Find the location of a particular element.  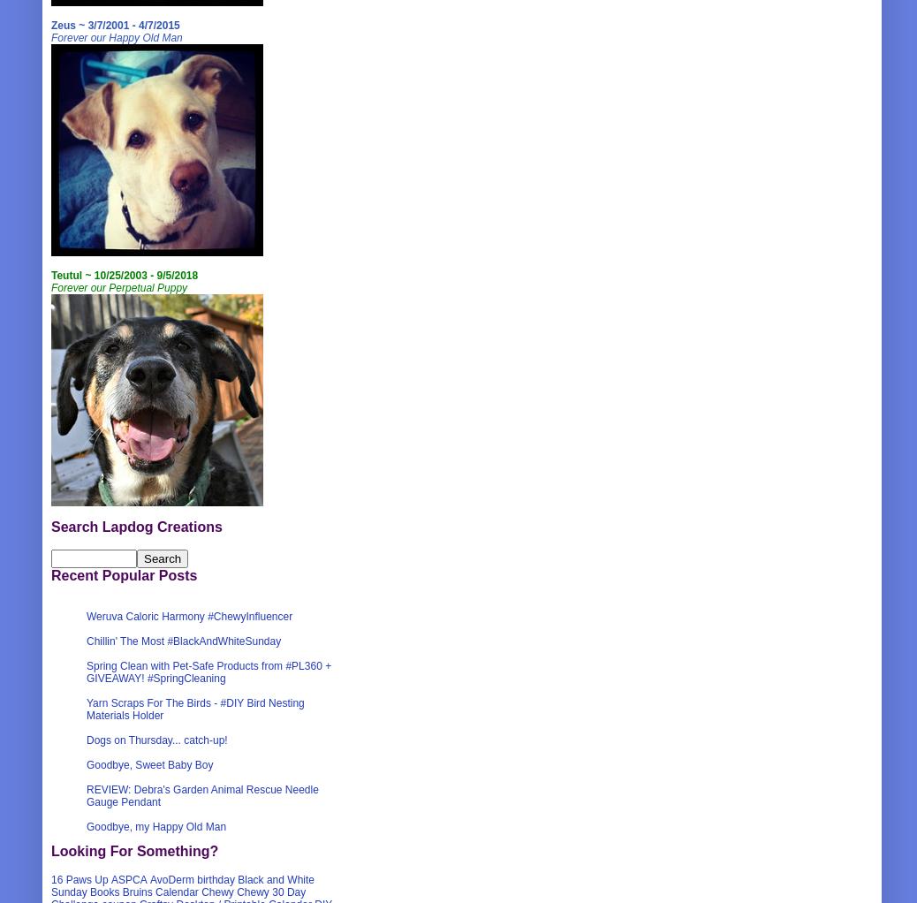

'Dogs on Thursday... catch-up!' is located at coordinates (155, 740).